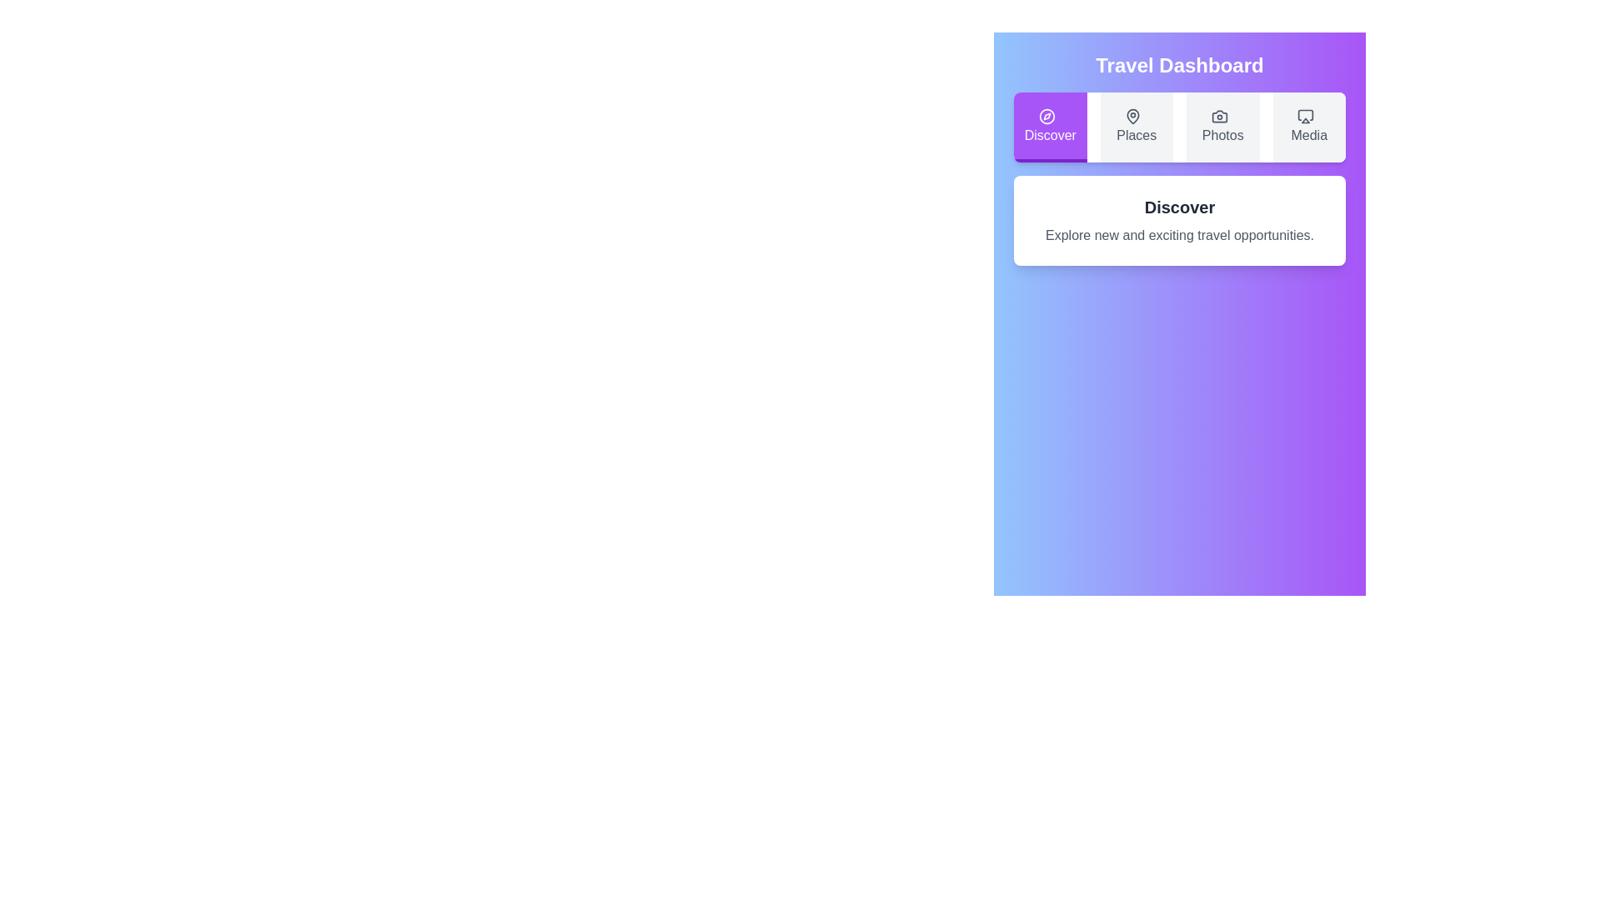  Describe the element at coordinates (1308, 127) in the screenshot. I see `the Media tab` at that location.